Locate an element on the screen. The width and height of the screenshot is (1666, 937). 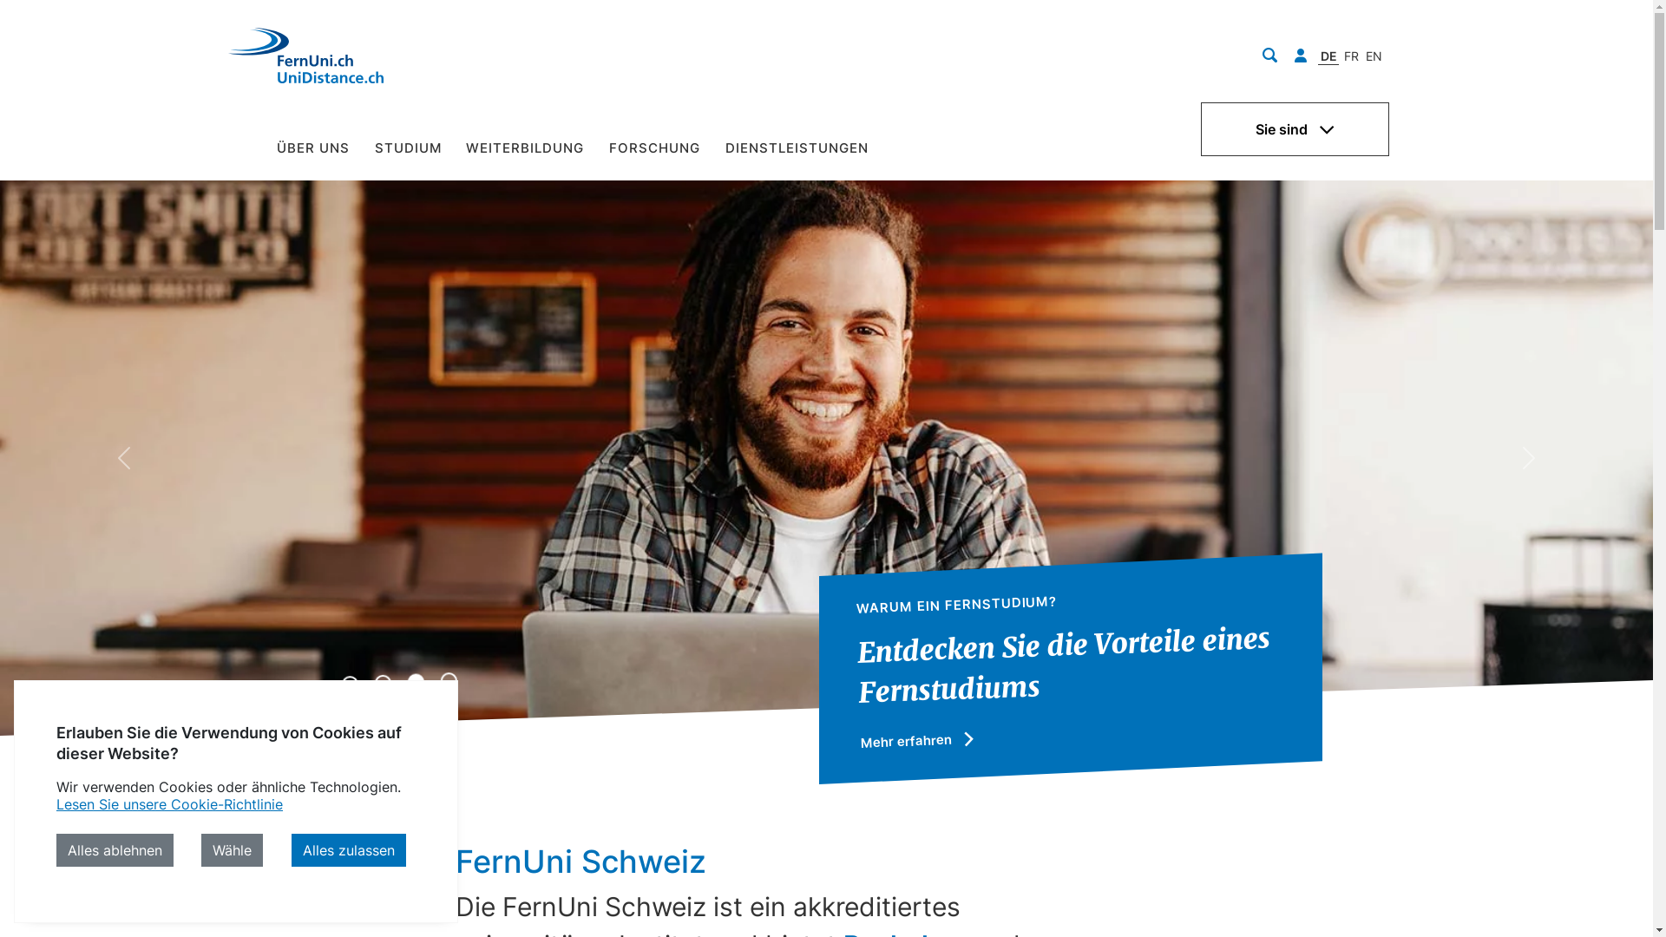
'DE' is located at coordinates (1328, 55).